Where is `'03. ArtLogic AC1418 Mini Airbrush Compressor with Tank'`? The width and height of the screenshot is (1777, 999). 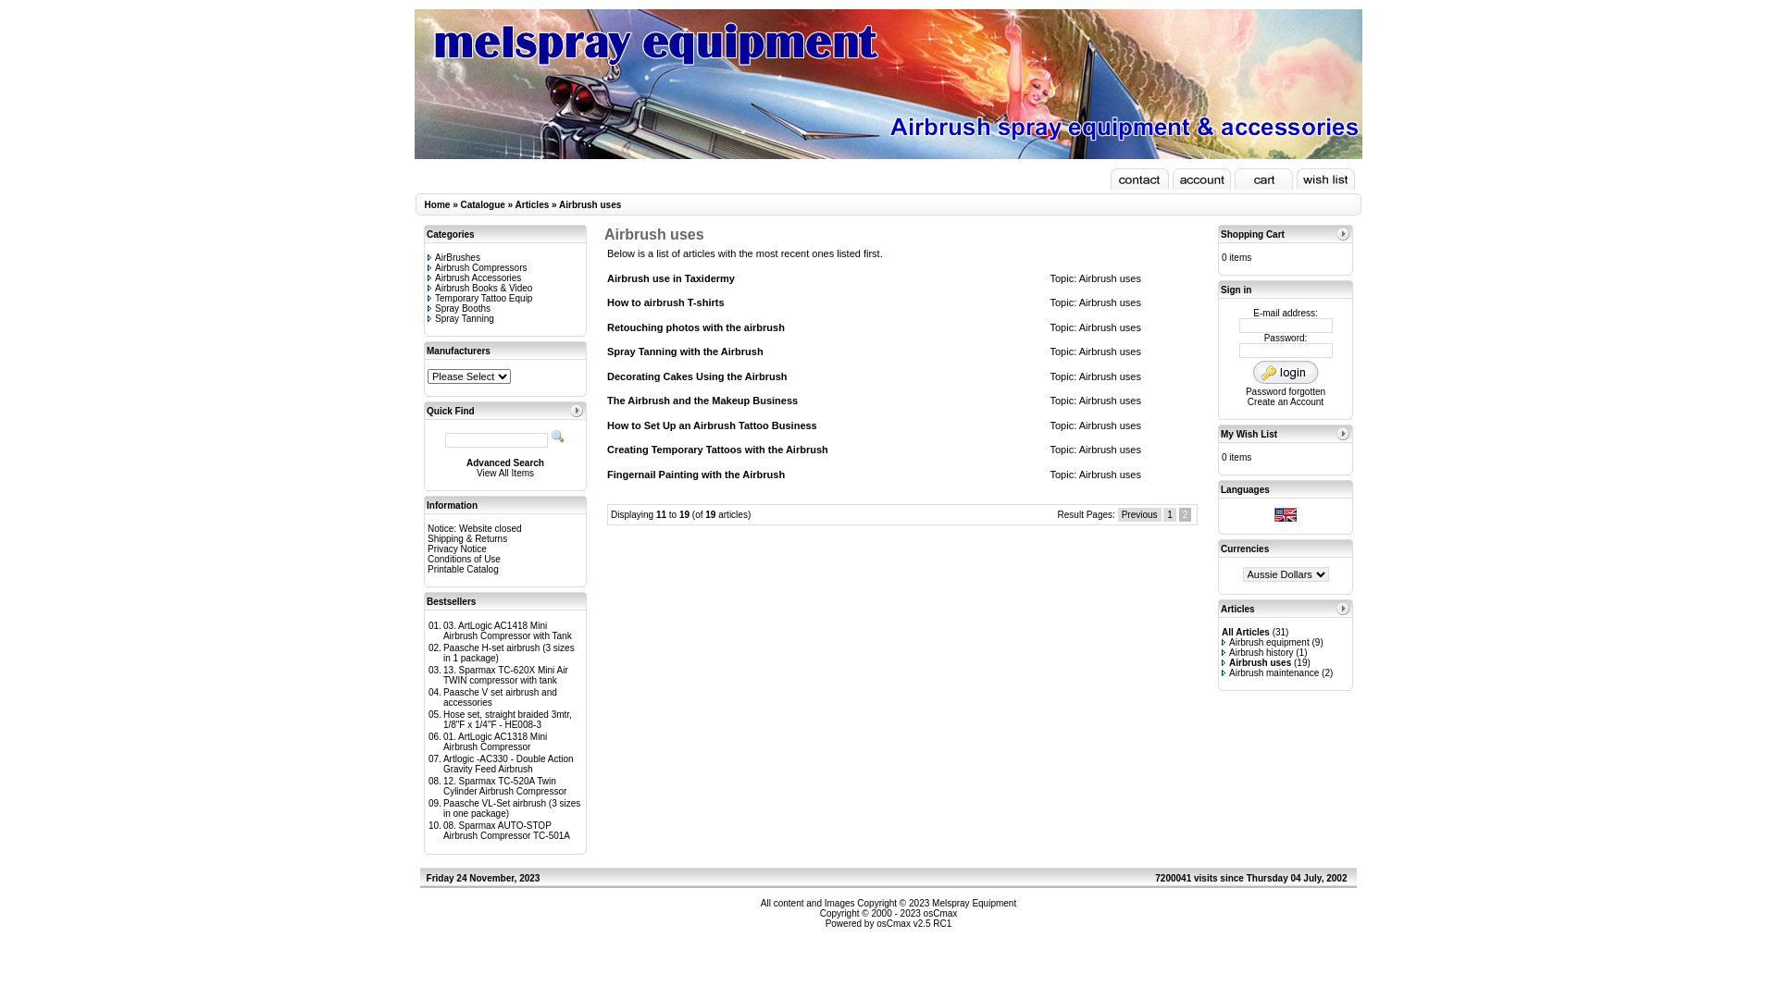
'03. ArtLogic AC1418 Mini Airbrush Compressor with Tank' is located at coordinates (507, 630).